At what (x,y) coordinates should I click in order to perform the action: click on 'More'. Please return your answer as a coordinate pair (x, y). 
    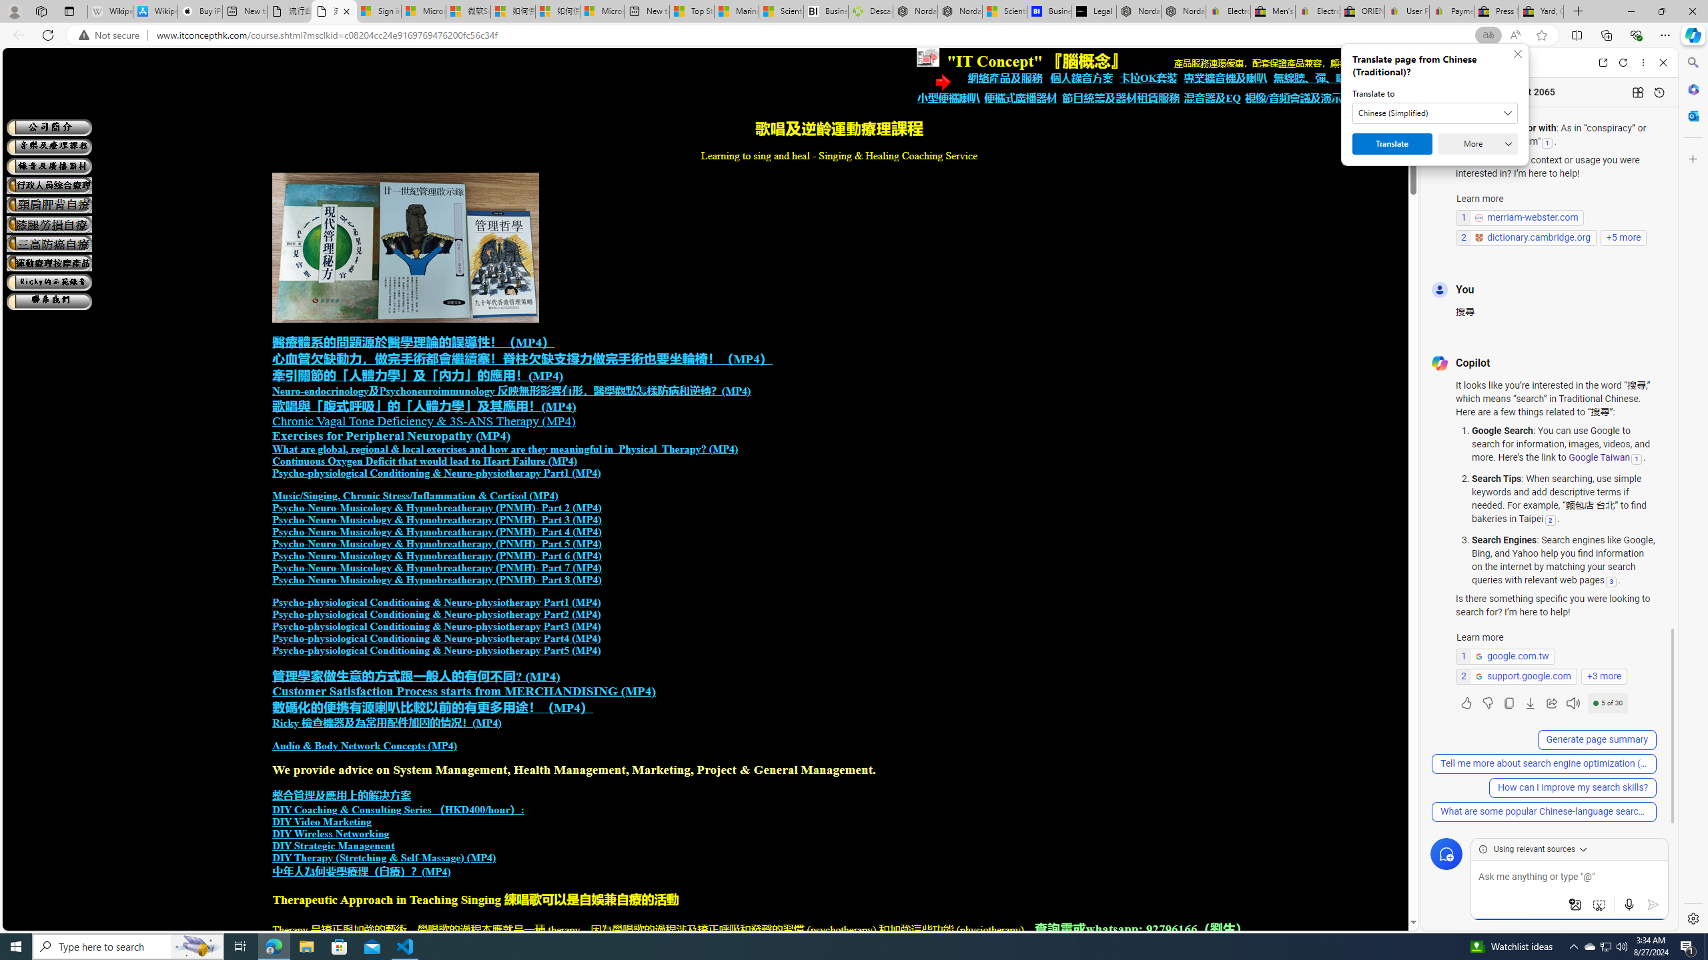
    Looking at the image, I should click on (1477, 143).